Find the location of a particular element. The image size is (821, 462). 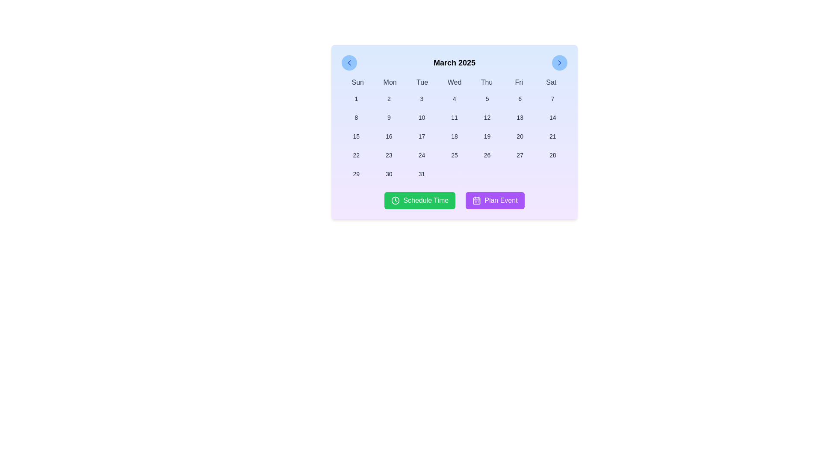

the scheduling button located below the calendar view, aligned to the left of the 'Plan Event' button is located at coordinates (420, 201).